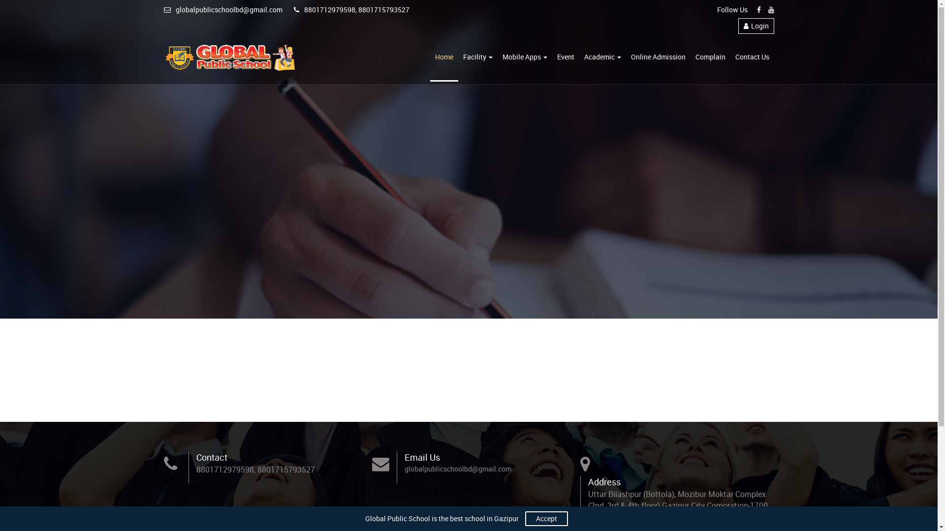 Image resolution: width=945 pixels, height=531 pixels. I want to click on 'globalpublicschoolbd@gmail.com', so click(222, 9).